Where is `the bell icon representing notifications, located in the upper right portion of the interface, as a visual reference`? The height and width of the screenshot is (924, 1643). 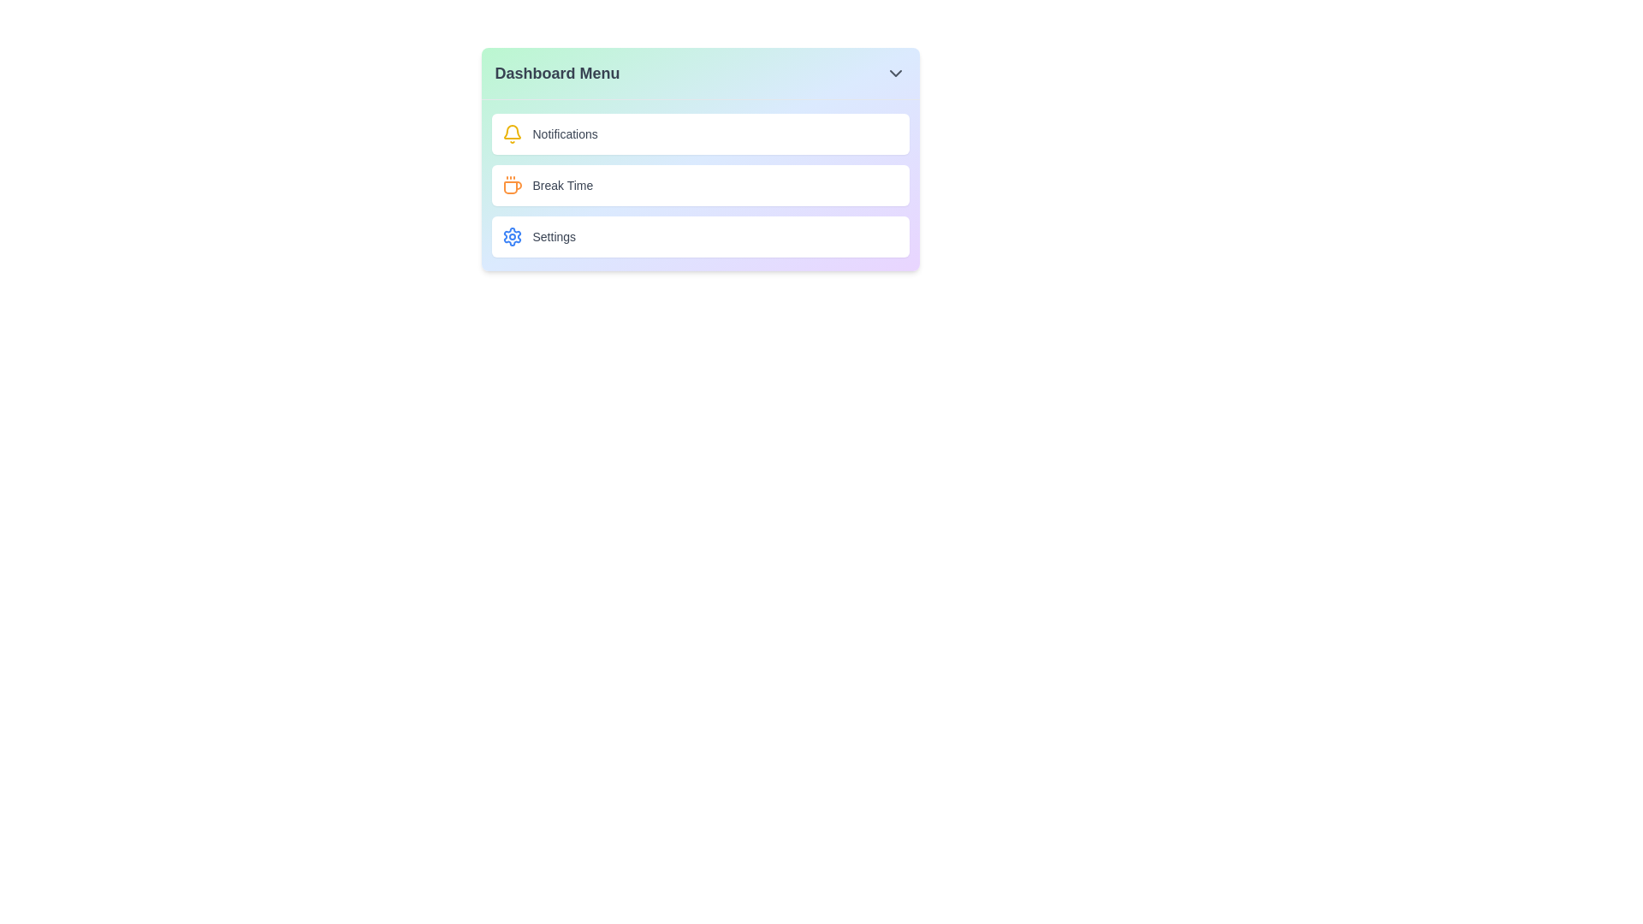
the bell icon representing notifications, located in the upper right portion of the interface, as a visual reference is located at coordinates (511, 131).